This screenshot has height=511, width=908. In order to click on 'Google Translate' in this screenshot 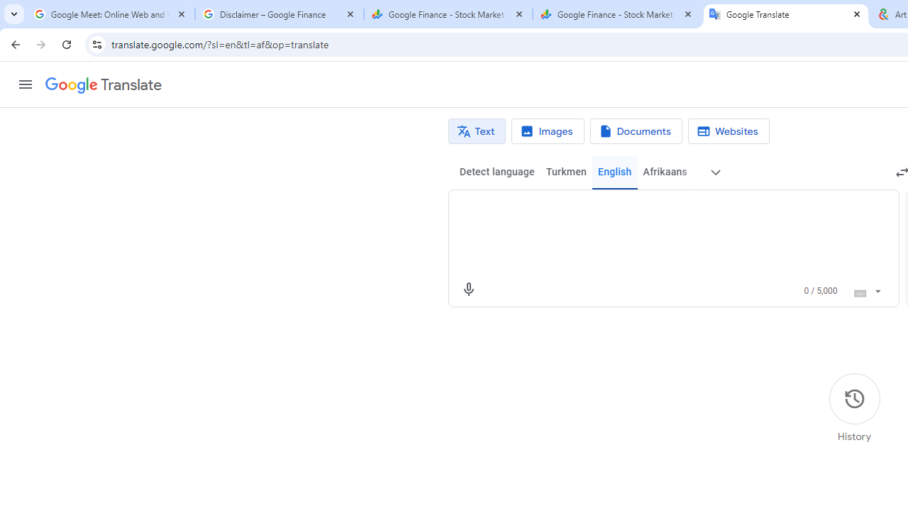, I will do `click(102, 85)`.